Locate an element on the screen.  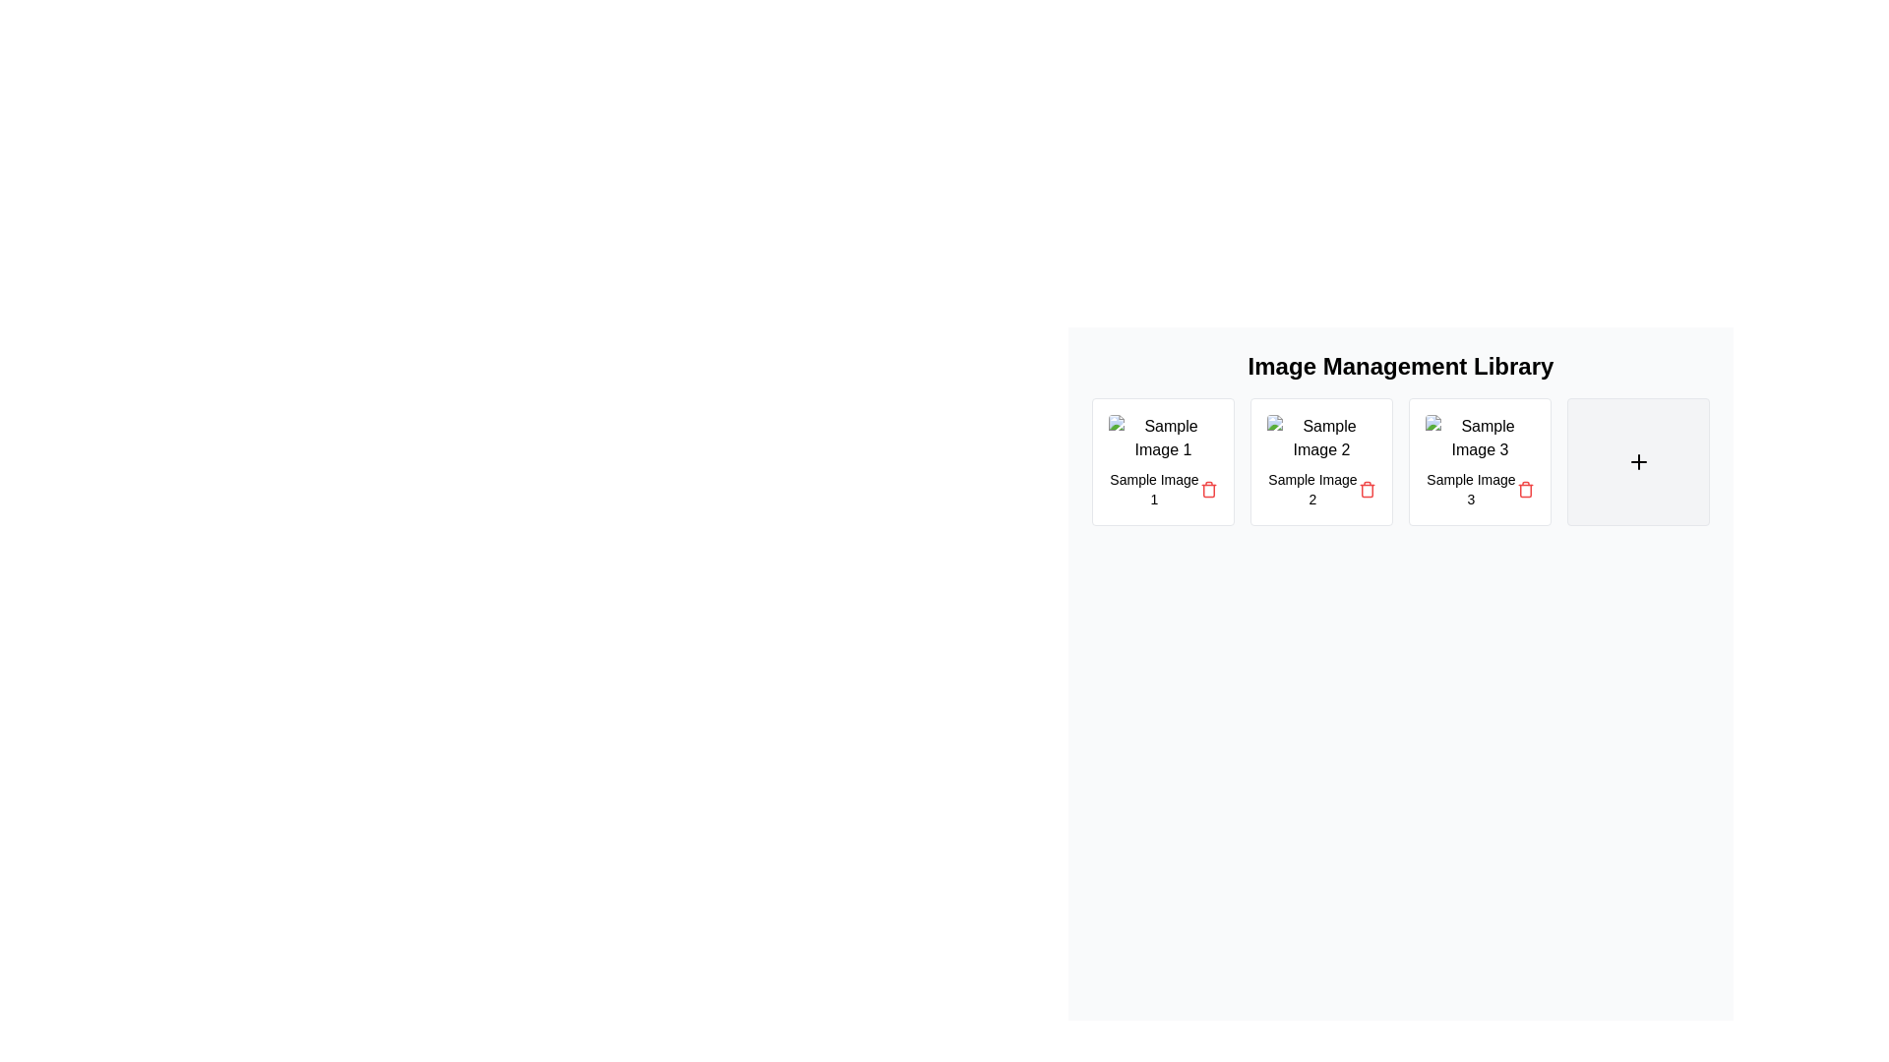
the text display element labeled 'Sample Image 3' which is aligned to the left and located below the corresponding image in the grid is located at coordinates (1480, 488).